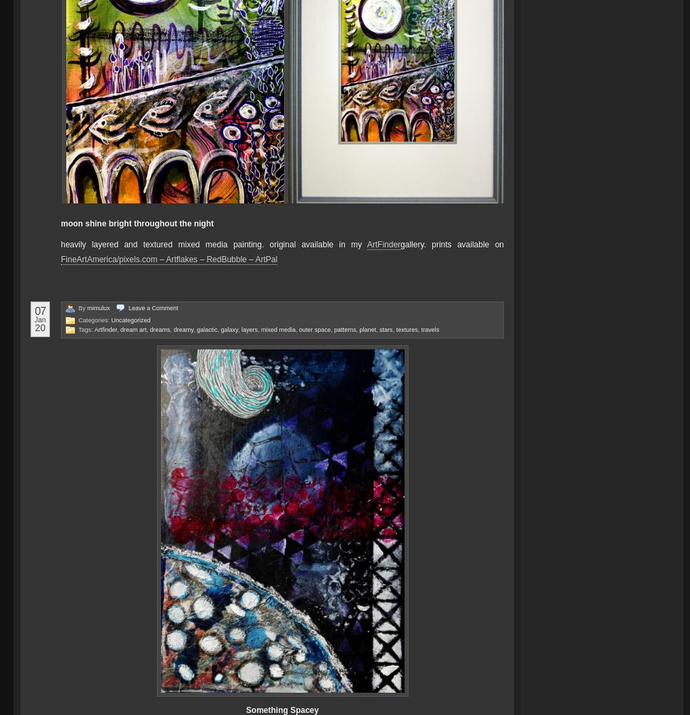  Describe the element at coordinates (229, 328) in the screenshot. I see `'galaxy'` at that location.